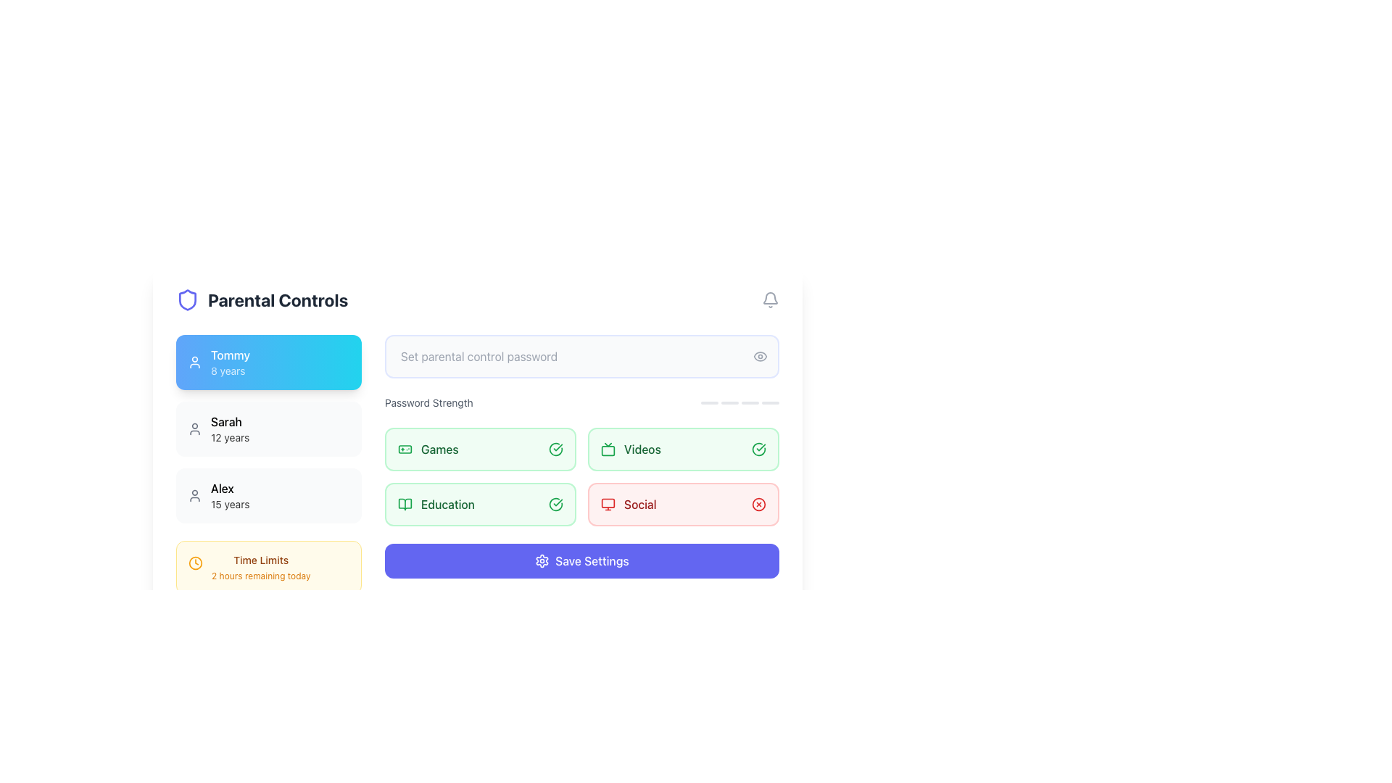  What do you see at coordinates (268, 567) in the screenshot?
I see `the static informational card titled 'Time Limits' that features a clock icon and indicates '2 hours remaining today', located at the bottom of the user information cards in the left panel` at bounding box center [268, 567].